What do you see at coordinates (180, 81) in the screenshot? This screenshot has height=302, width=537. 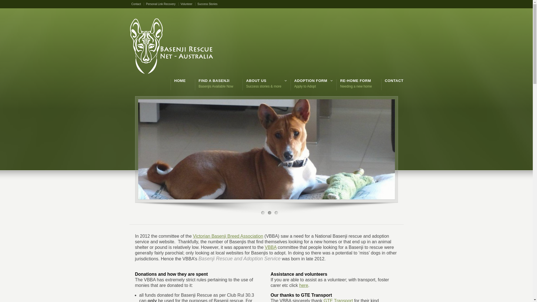 I see `'HOME'` at bounding box center [180, 81].